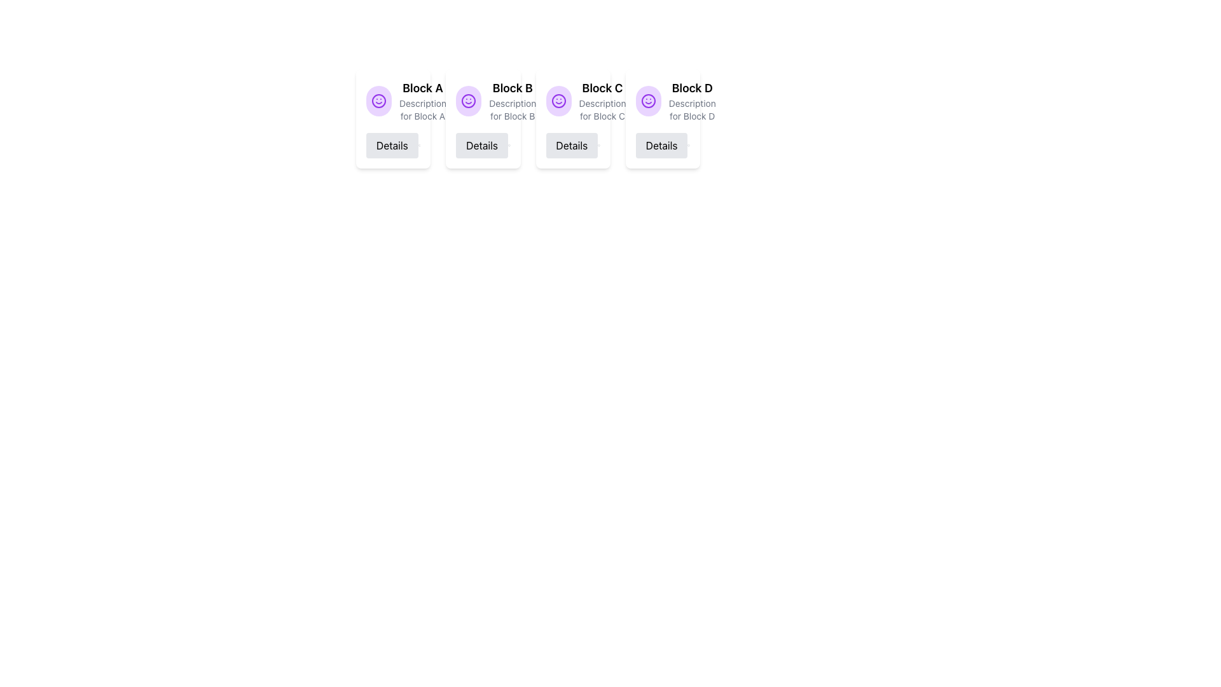 The width and height of the screenshot is (1221, 687). Describe the element at coordinates (572, 144) in the screenshot. I see `the 'Details' button located in the 'Block C' card to trigger a visual effect` at that location.